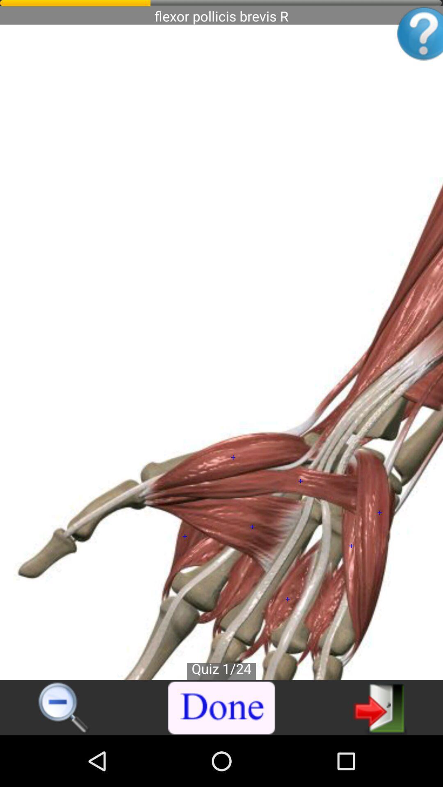  What do you see at coordinates (222, 708) in the screenshot?
I see `click done` at bounding box center [222, 708].